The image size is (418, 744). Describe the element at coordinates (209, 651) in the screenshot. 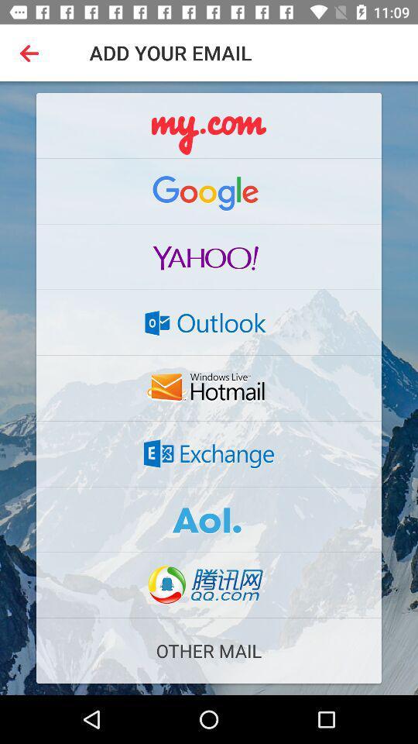

I see `the other mail icon` at that location.